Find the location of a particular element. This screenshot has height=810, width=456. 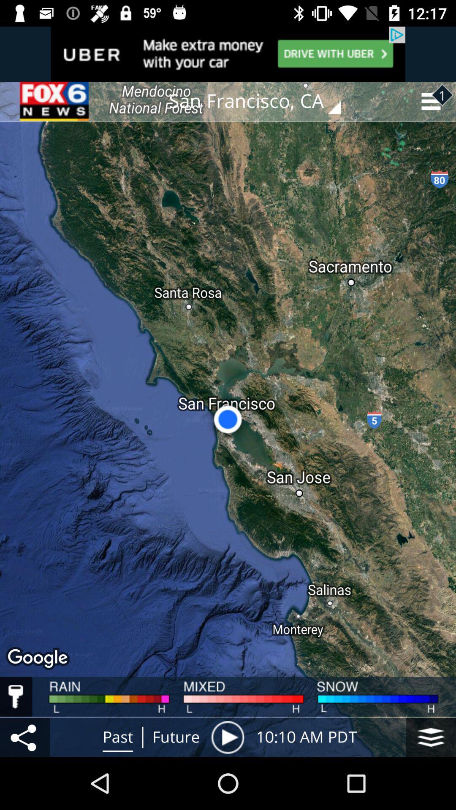

item to the right of future item is located at coordinates (227, 737).